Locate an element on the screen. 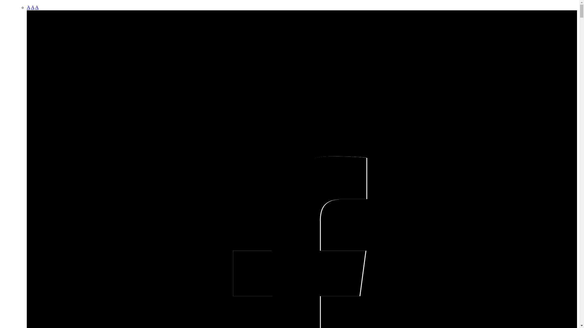  'A' is located at coordinates (35, 7).